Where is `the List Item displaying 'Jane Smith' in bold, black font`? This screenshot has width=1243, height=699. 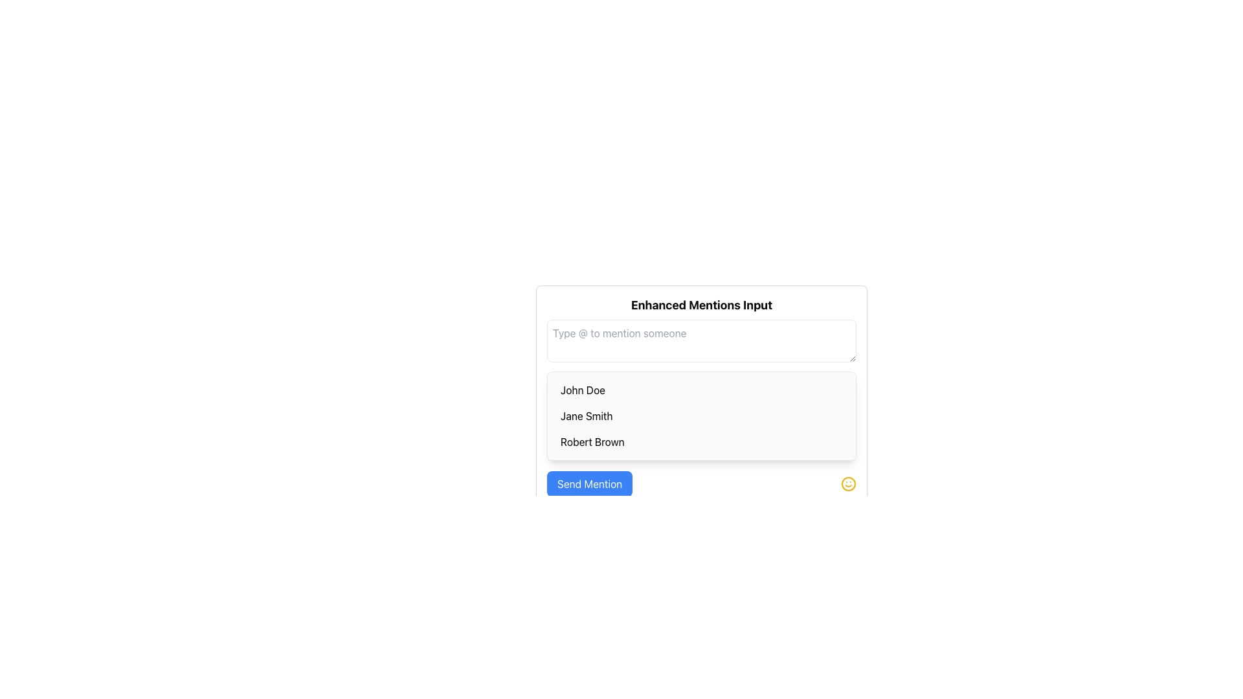
the List Item displaying 'Jane Smith' in bold, black font is located at coordinates (701, 416).